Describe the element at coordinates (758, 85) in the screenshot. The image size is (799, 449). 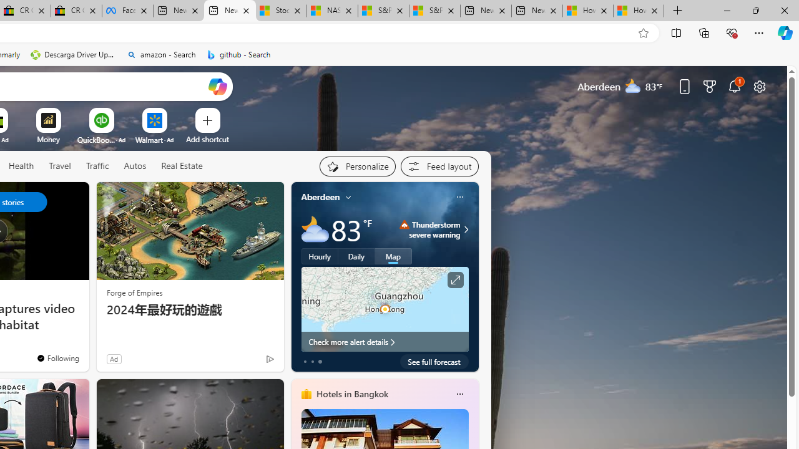
I see `'Page settings'` at that location.